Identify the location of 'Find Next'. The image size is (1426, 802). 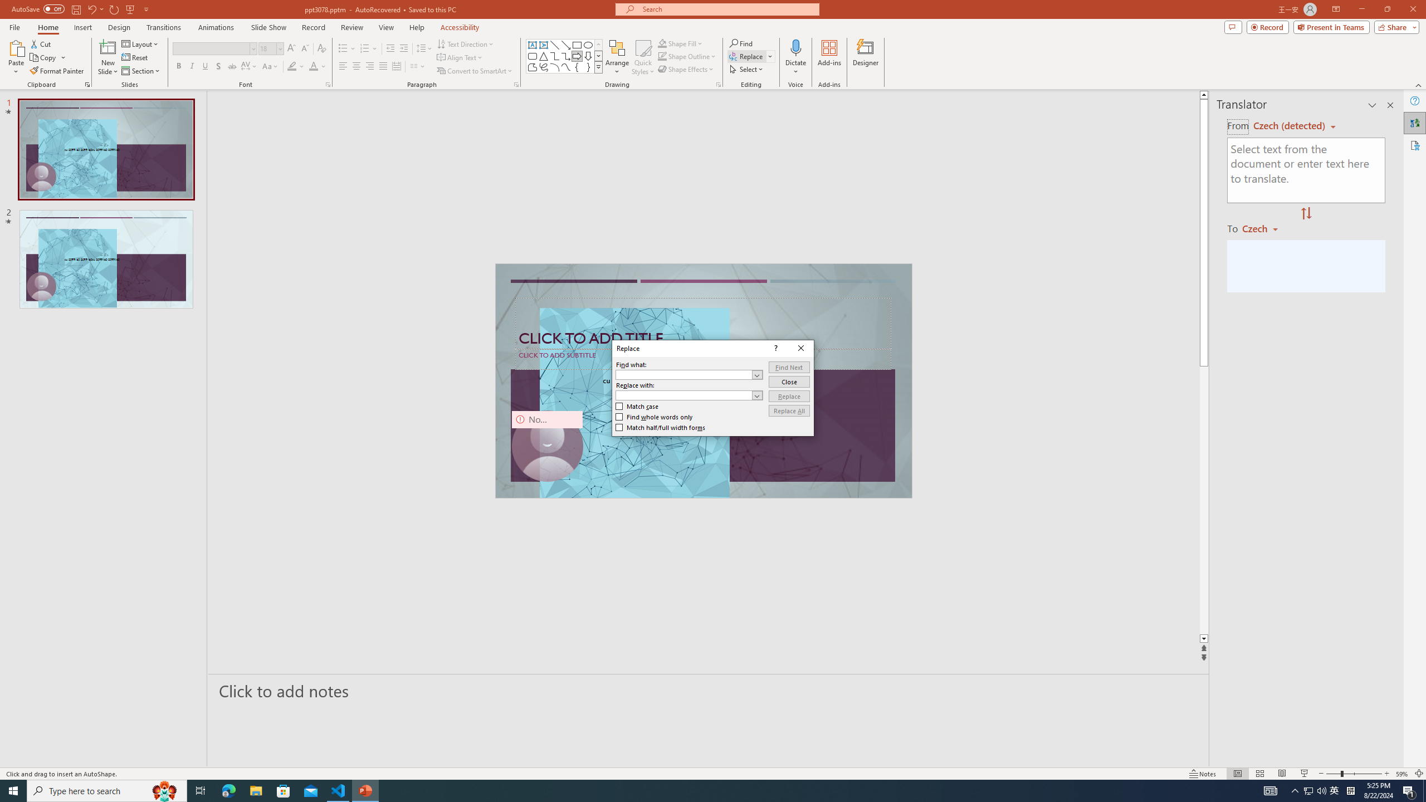
(788, 366).